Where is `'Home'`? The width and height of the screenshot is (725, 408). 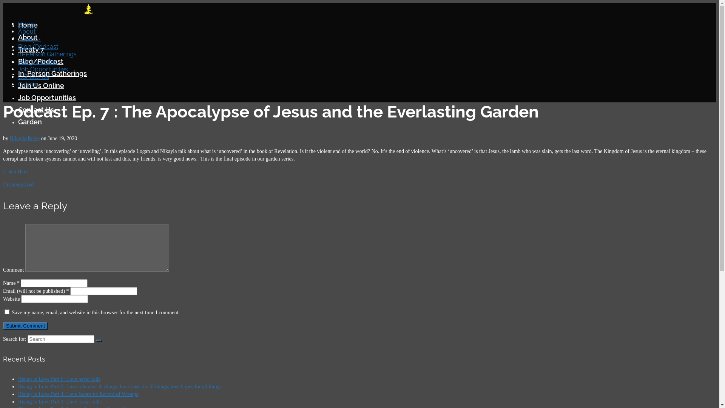
'Home' is located at coordinates (28, 25).